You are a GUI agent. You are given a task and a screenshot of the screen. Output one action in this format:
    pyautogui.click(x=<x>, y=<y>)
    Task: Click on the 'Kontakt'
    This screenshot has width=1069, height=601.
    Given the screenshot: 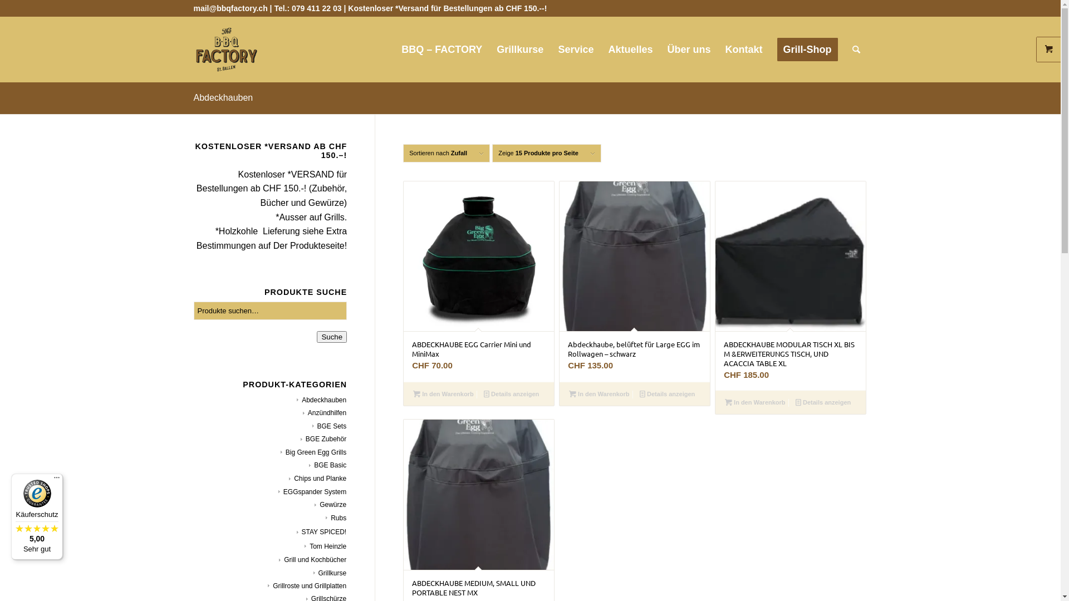 What is the action you would take?
    pyautogui.click(x=744, y=48)
    